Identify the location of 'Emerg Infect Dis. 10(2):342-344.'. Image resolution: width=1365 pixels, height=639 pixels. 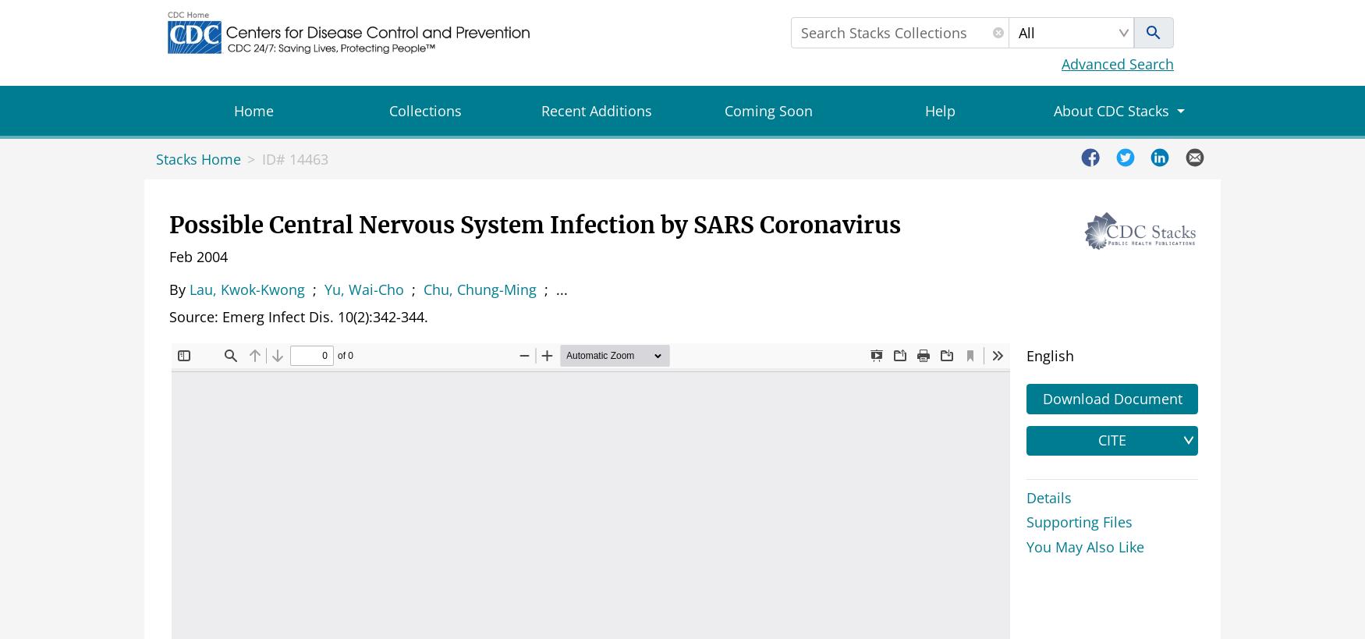
(222, 315).